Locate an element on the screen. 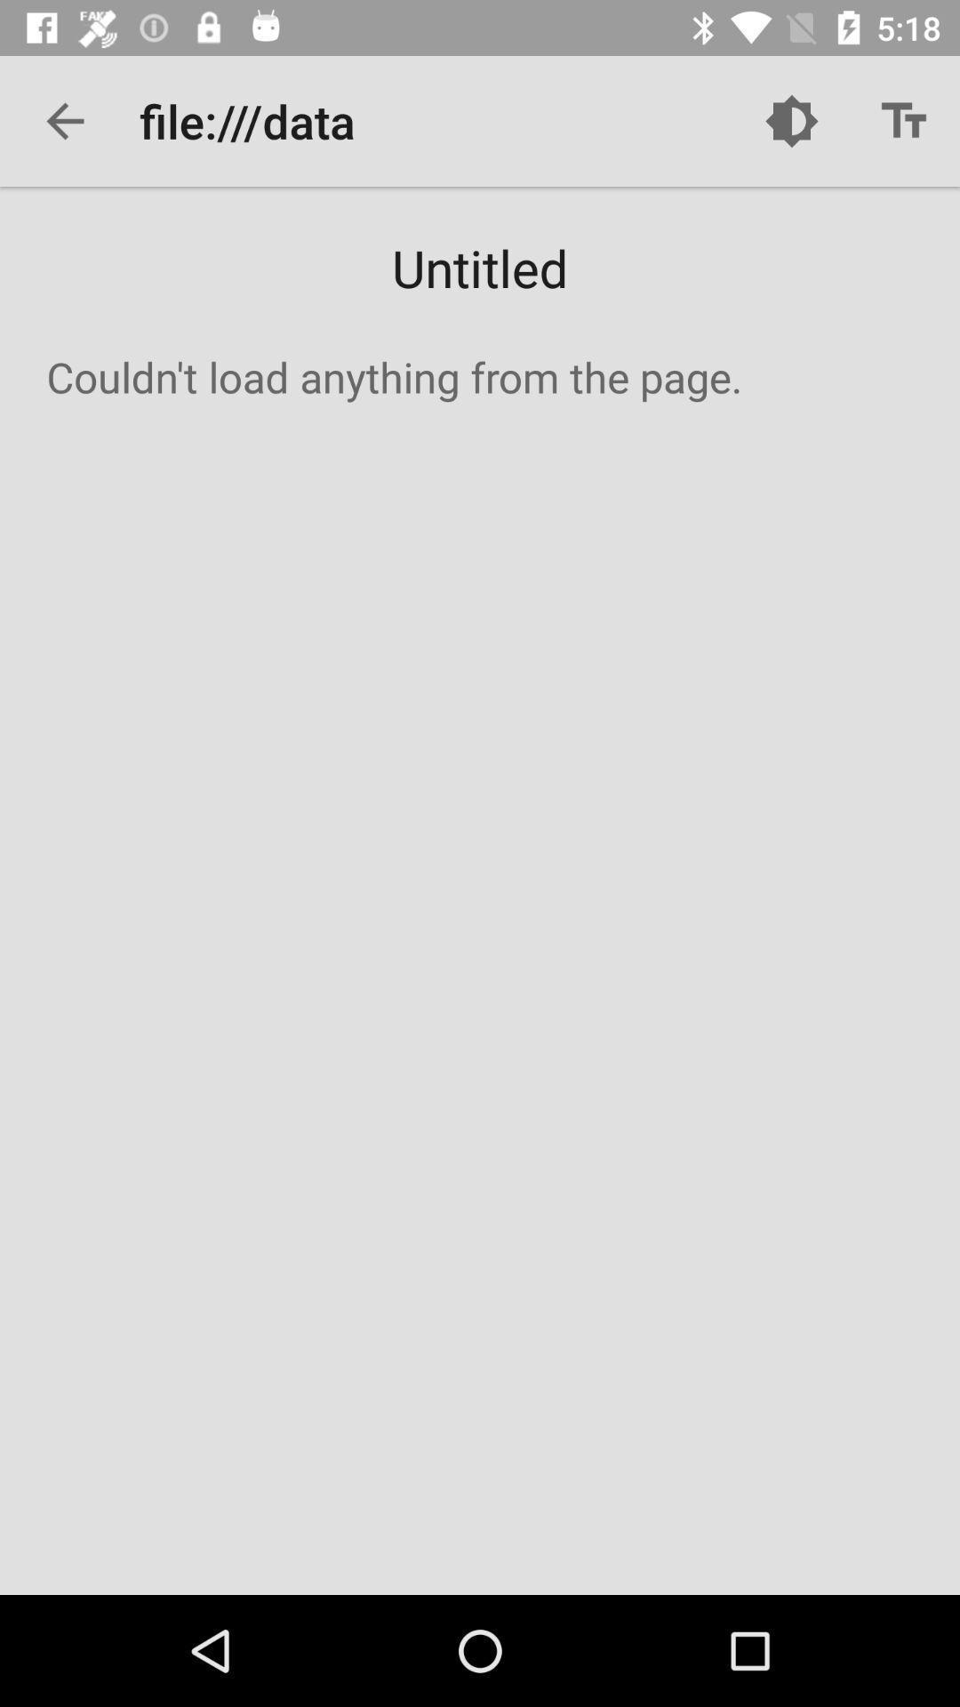 This screenshot has height=1707, width=960. item above untitled item is located at coordinates (64, 120).